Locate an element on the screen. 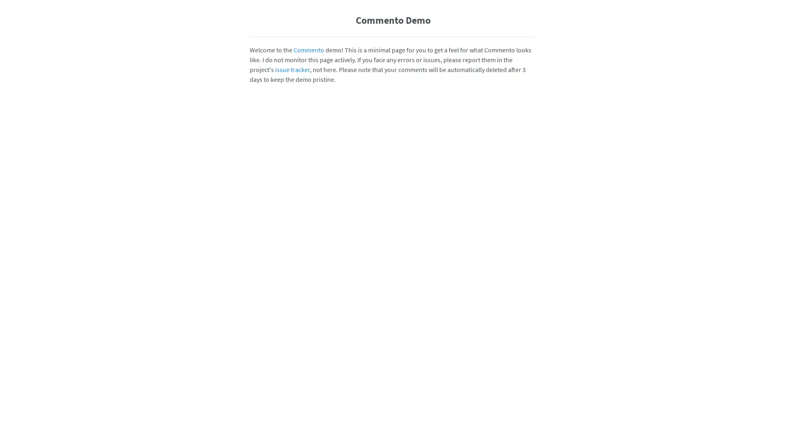 Image resolution: width=786 pixels, height=442 pixels. Collapse children is located at coordinates (531, 225).